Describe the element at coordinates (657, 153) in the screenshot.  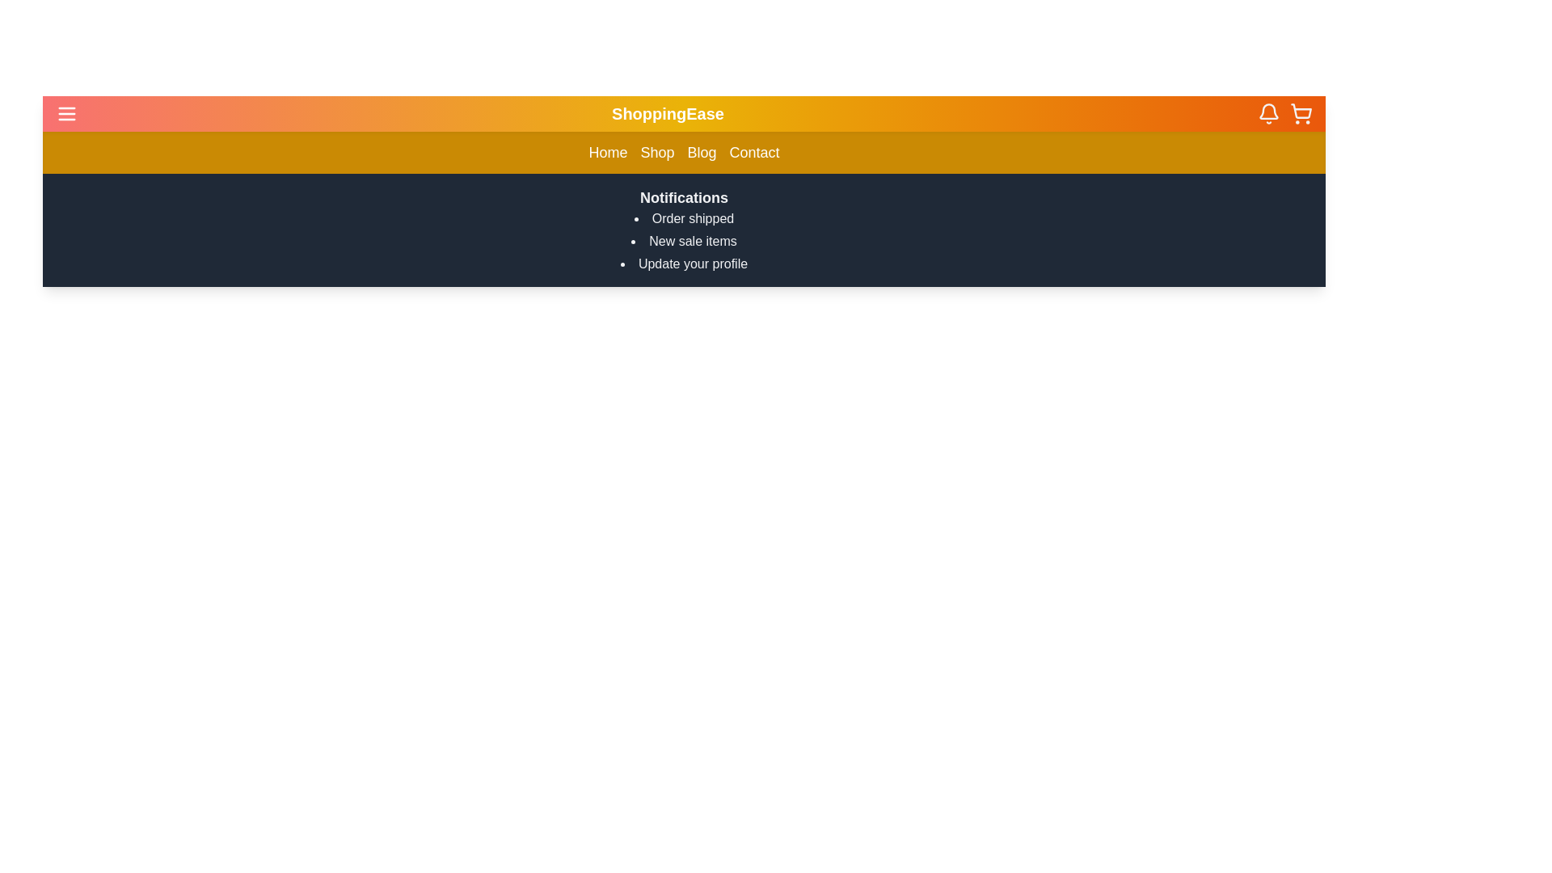
I see `the 'Shop' navigation link, which is the second item in the horizontal navigation menu` at that location.